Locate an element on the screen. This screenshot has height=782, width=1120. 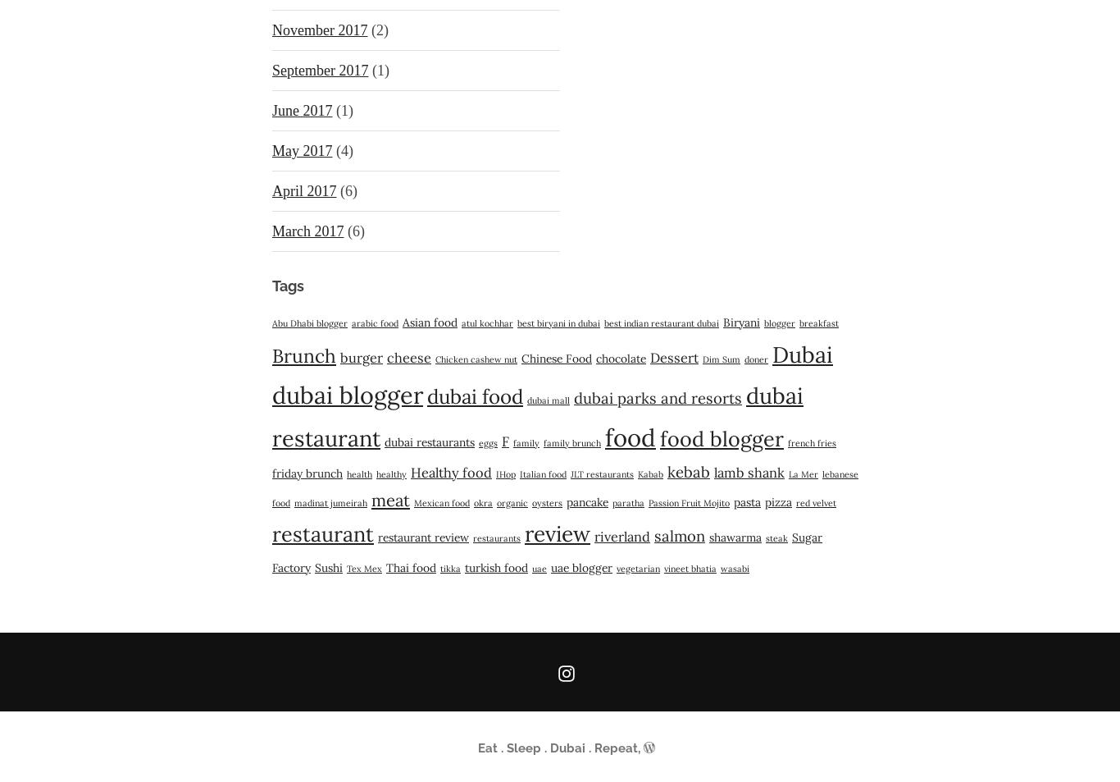
'uae blogger' is located at coordinates (581, 567).